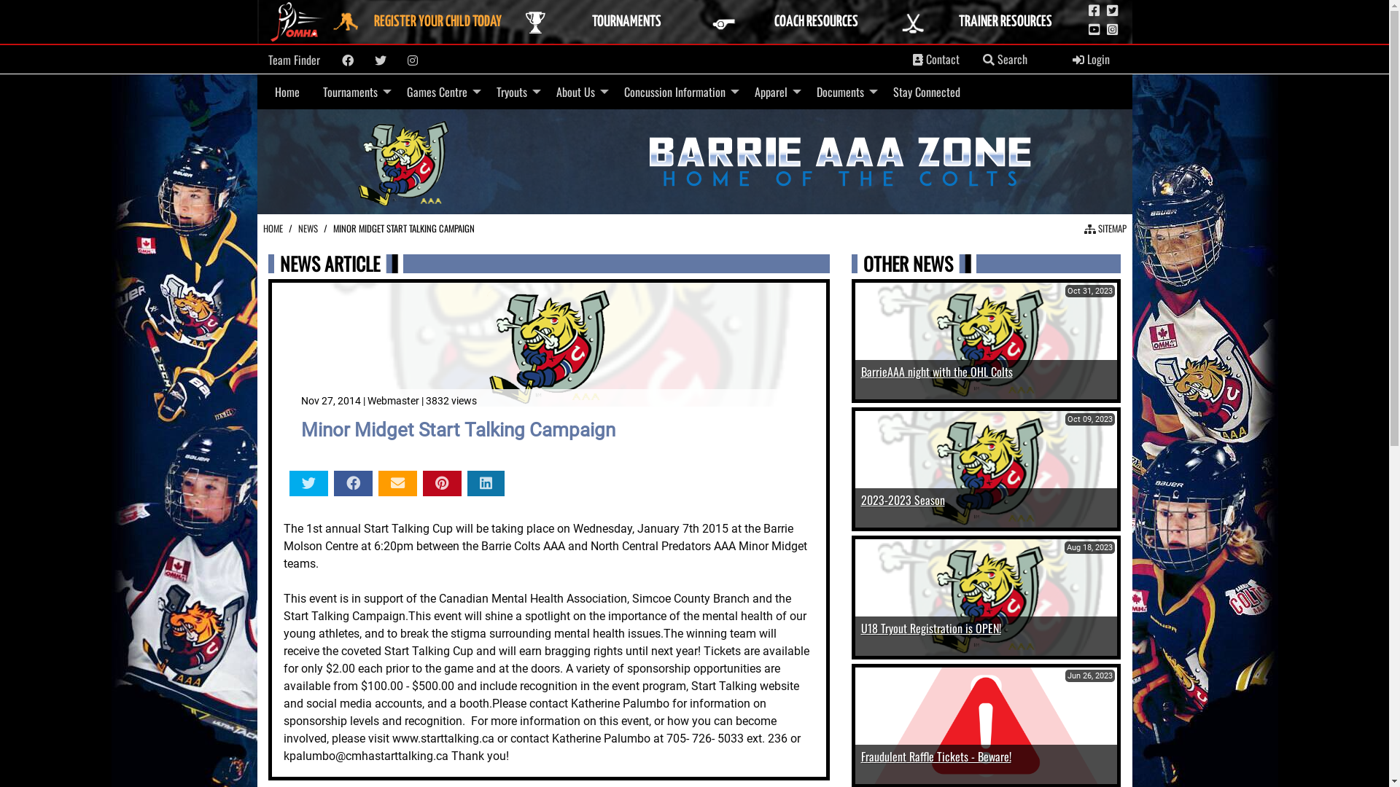 The width and height of the screenshot is (1400, 787). I want to click on 'Search', so click(989, 58).